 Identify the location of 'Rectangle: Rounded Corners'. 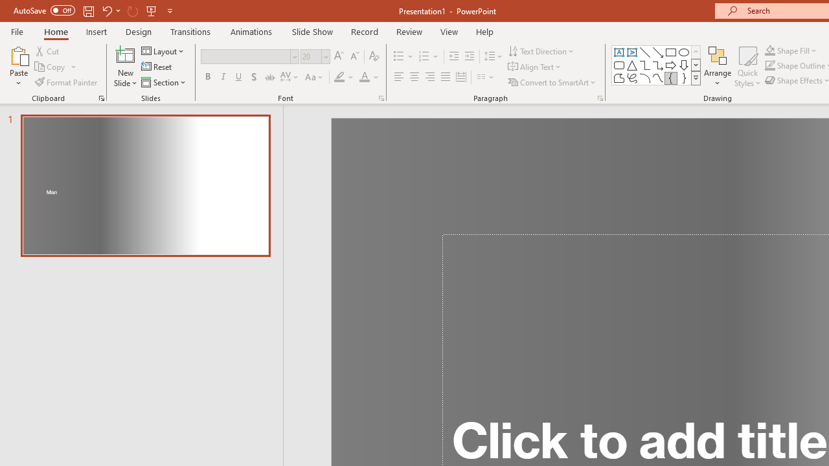
(619, 65).